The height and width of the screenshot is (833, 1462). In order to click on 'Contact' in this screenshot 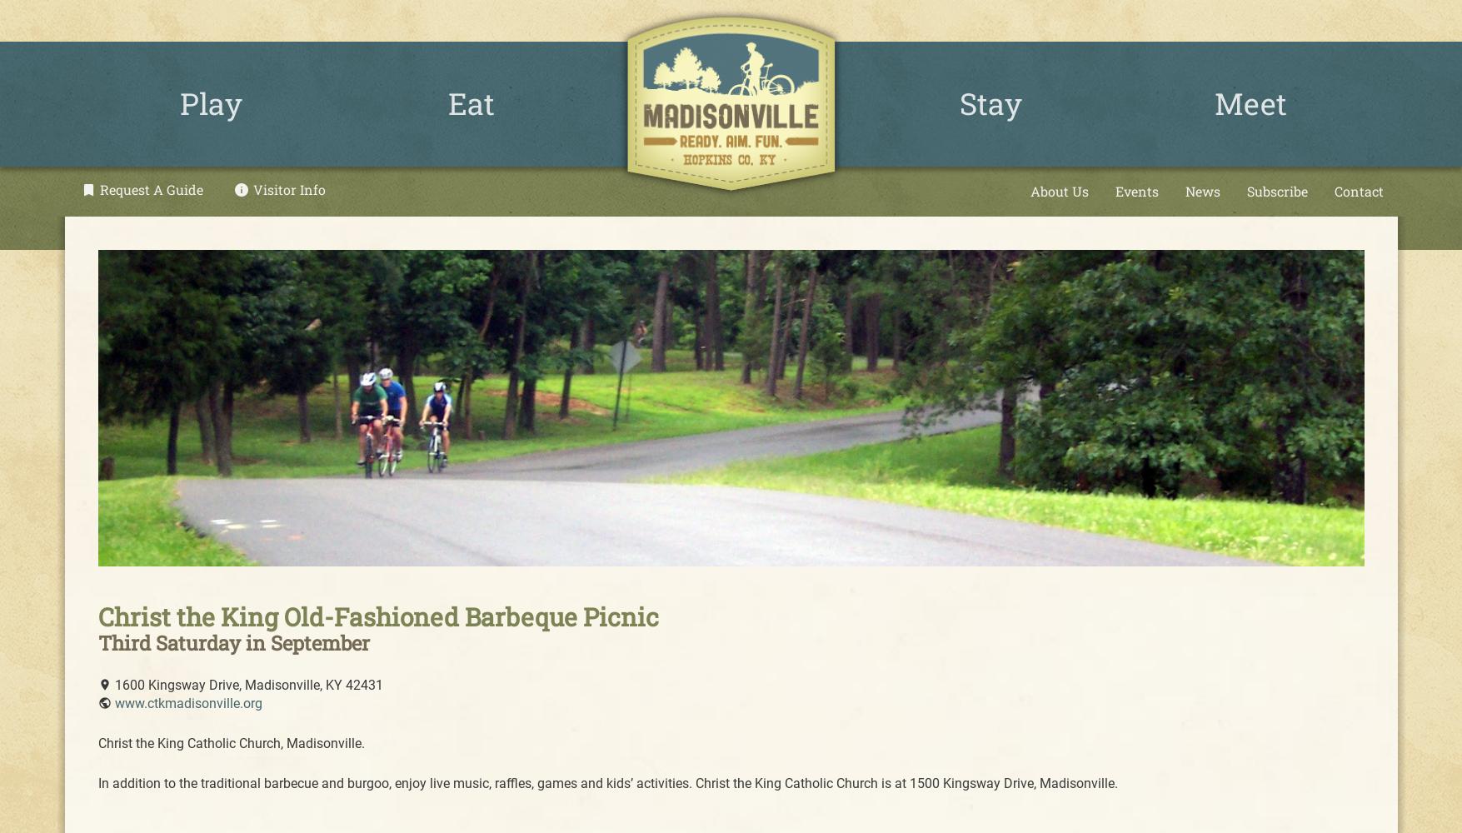, I will do `click(1359, 189)`.